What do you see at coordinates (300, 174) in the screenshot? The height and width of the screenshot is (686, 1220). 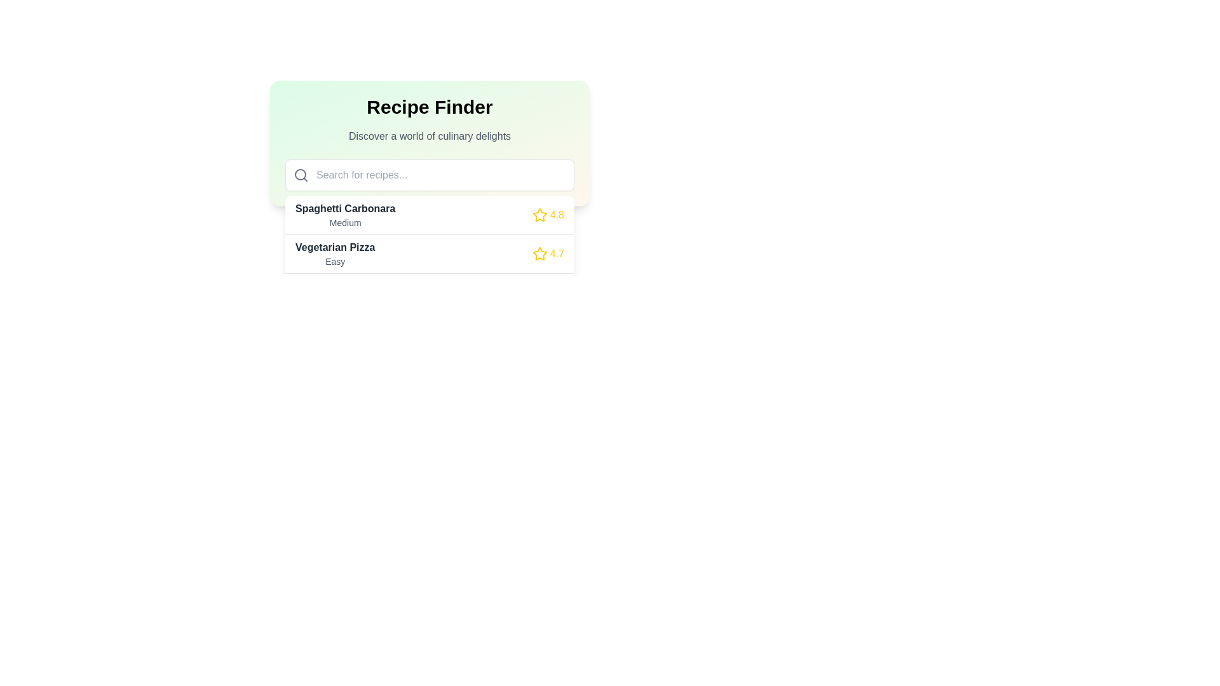 I see `the magnifying glass icon represented by the SVG graphic circle, which symbolizes the search functionality in the interface` at bounding box center [300, 174].